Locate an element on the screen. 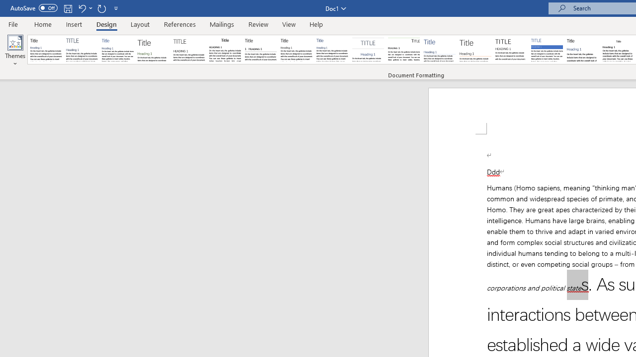 The width and height of the screenshot is (636, 357). 'Lines (Stylish)' is located at coordinates (475, 50).